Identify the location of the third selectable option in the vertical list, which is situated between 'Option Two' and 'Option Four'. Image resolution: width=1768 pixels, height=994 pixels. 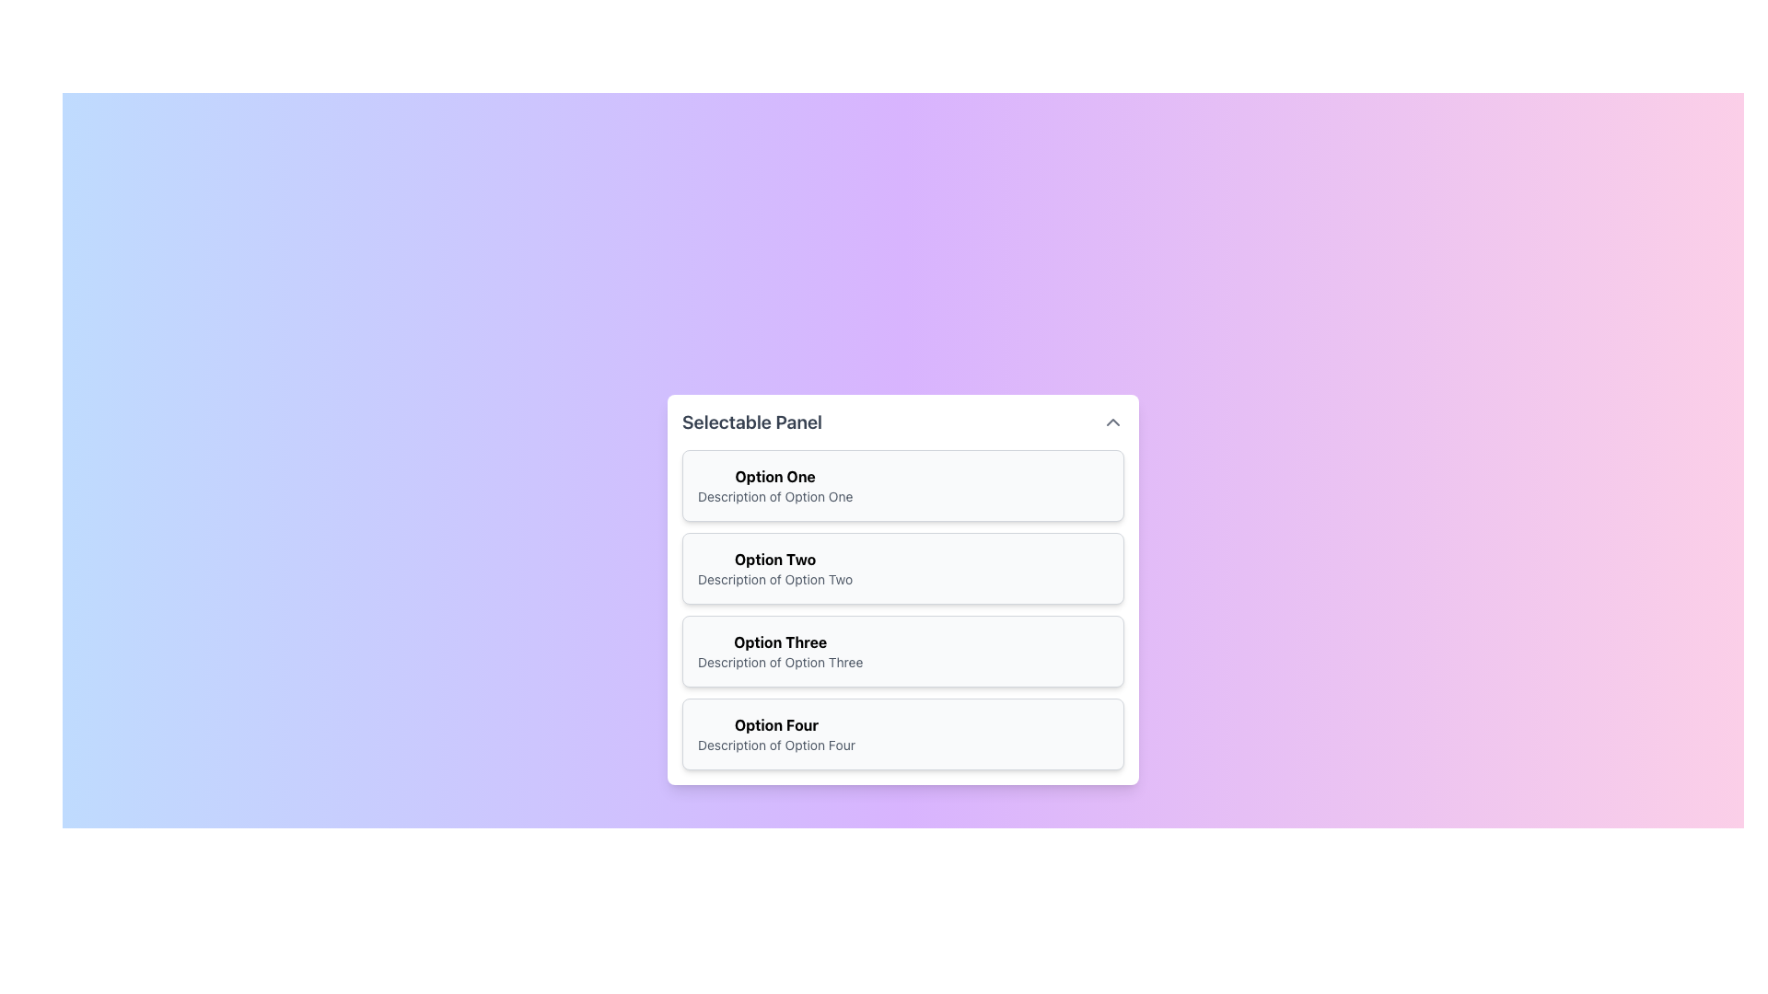
(780, 651).